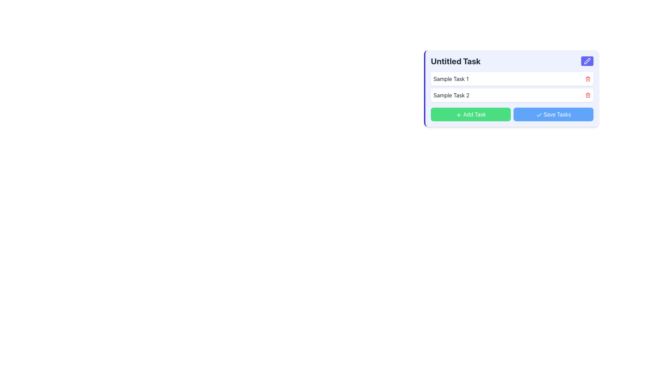 The image size is (656, 369). I want to click on the delete button for the task titled 'Sample Task 1', so click(588, 79).